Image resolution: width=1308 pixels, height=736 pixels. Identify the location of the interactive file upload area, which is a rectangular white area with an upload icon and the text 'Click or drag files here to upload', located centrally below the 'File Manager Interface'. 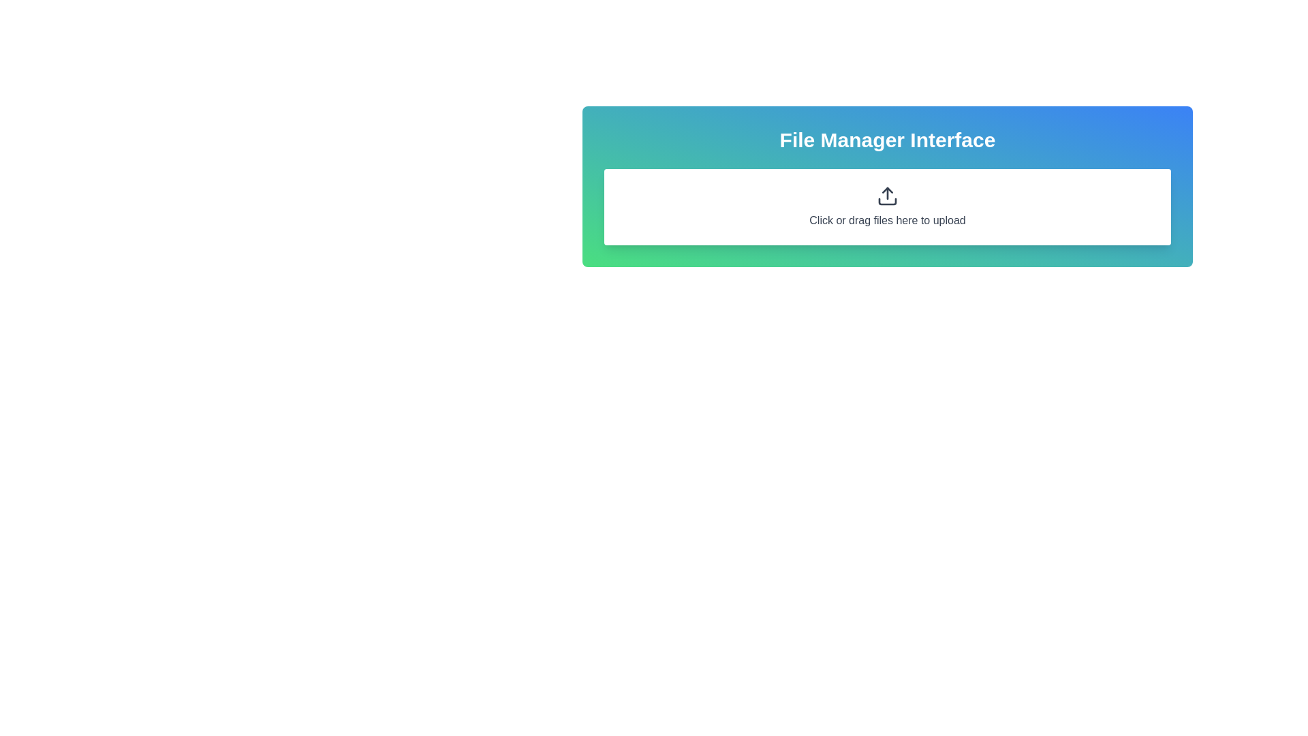
(887, 207).